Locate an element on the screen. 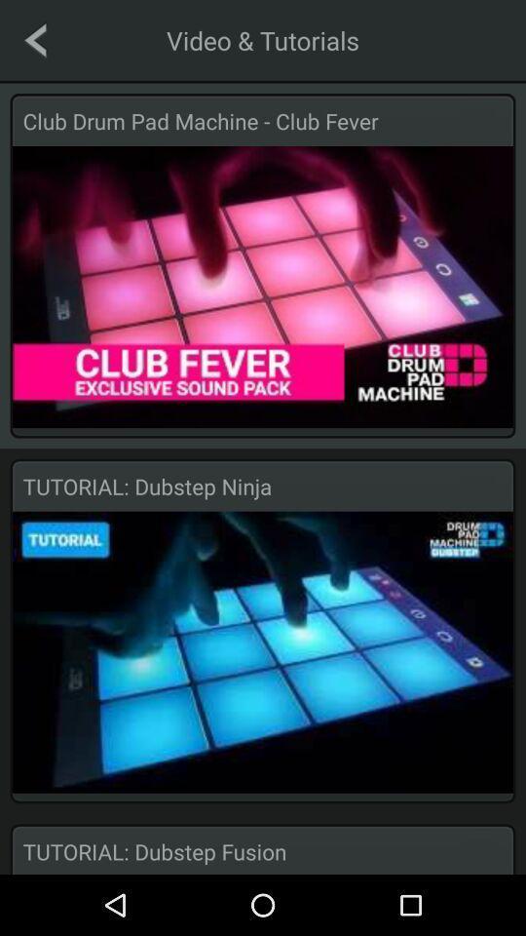 The height and width of the screenshot is (936, 526). go back is located at coordinates (35, 39).